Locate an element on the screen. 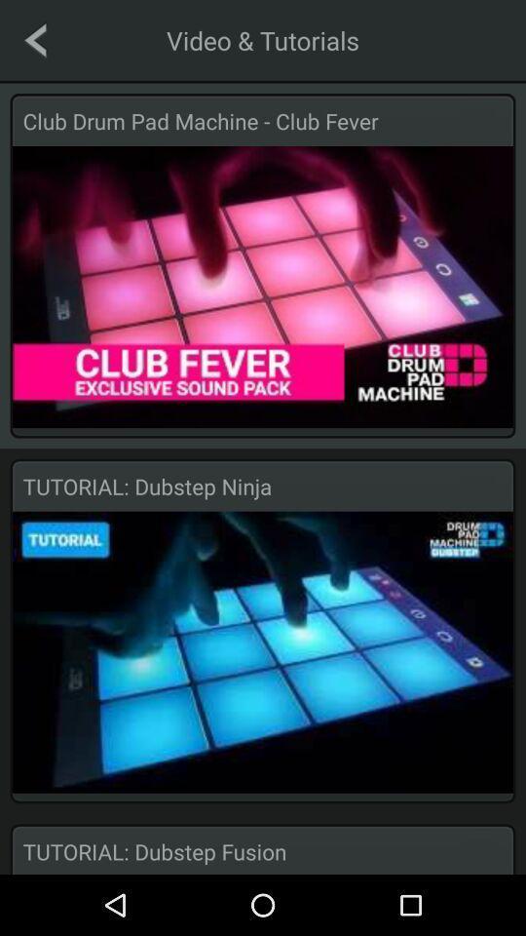 The height and width of the screenshot is (936, 526). go back is located at coordinates (35, 39).